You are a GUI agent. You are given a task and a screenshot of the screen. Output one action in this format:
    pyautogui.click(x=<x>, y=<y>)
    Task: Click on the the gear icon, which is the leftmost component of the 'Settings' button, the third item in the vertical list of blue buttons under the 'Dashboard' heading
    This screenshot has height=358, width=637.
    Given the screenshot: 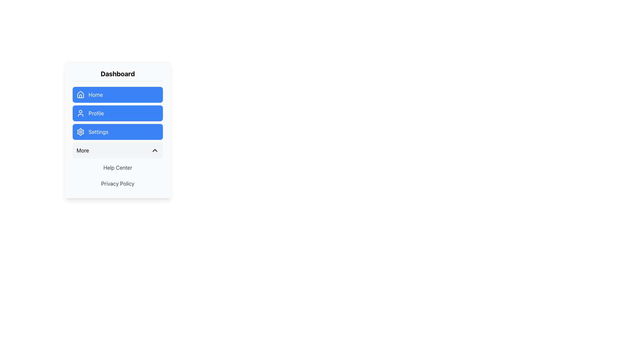 What is the action you would take?
    pyautogui.click(x=80, y=132)
    